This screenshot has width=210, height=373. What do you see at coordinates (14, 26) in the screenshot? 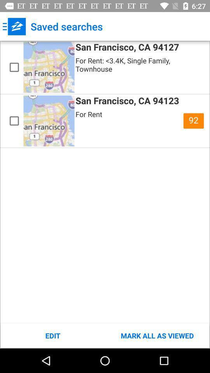
I see `app to the left of the saved searches` at bounding box center [14, 26].